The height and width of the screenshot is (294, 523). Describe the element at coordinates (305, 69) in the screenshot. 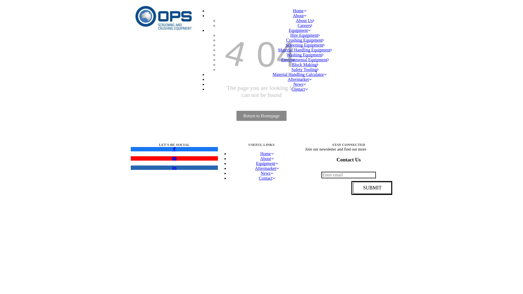

I see `'Safety Tooling'` at that location.